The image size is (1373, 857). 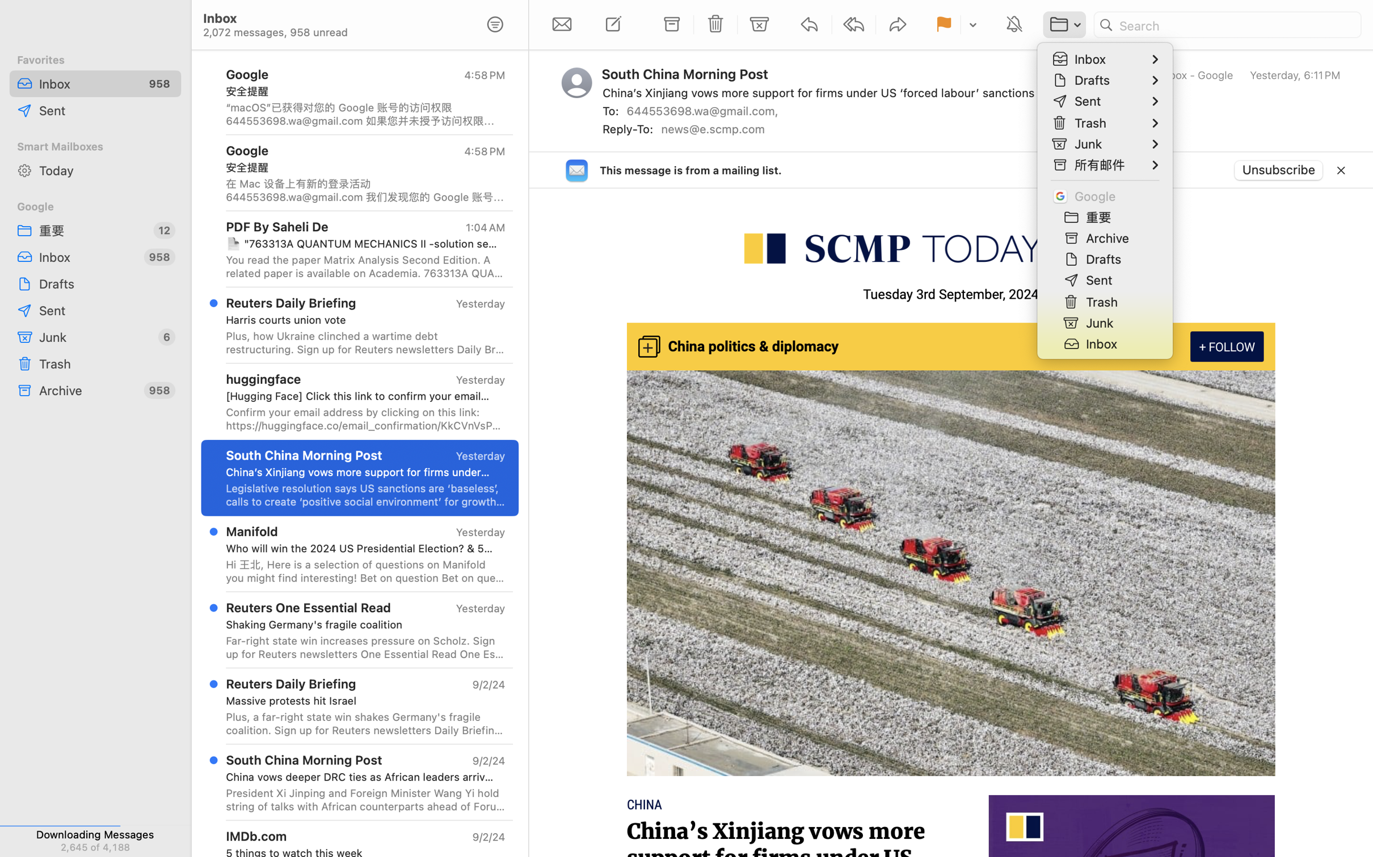 I want to click on 'Harris courts union vote', so click(x=361, y=319).